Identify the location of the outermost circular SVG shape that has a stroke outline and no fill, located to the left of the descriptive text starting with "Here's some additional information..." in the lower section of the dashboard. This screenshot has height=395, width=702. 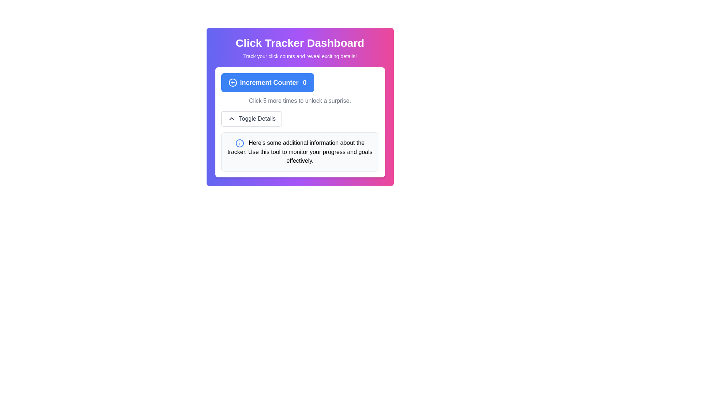
(239, 143).